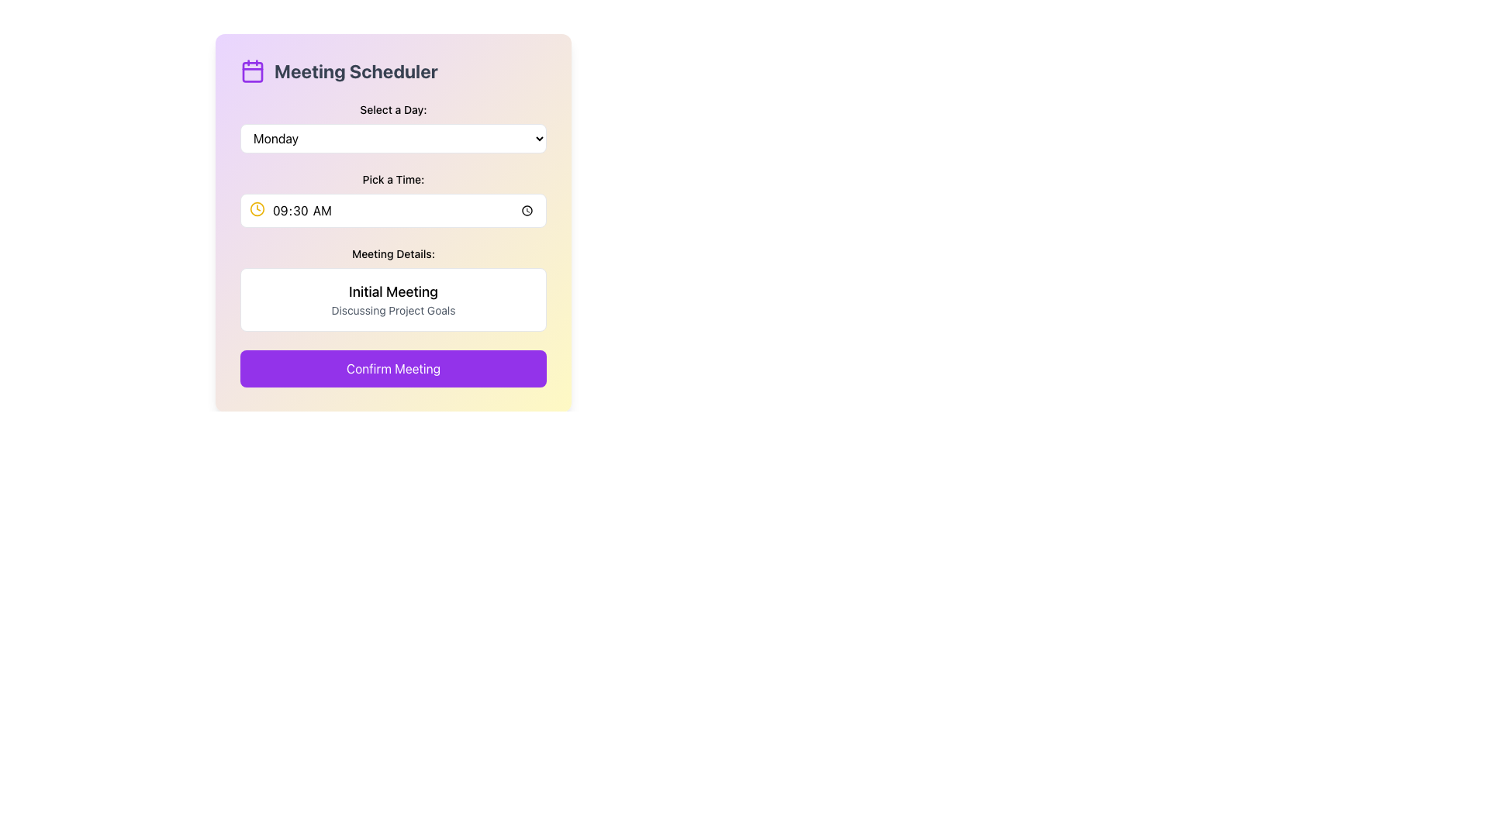 The width and height of the screenshot is (1489, 837). I want to click on the 'Initial Meeting' text display, which serves as the header within the 'Meeting Details' box, so click(393, 292).